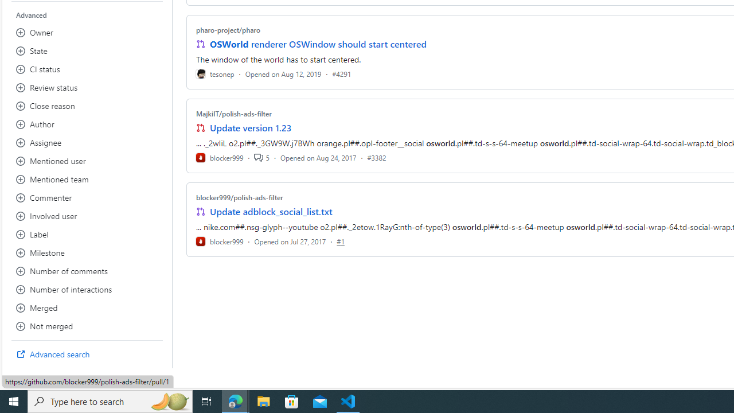 The width and height of the screenshot is (734, 413). What do you see at coordinates (233, 114) in the screenshot?
I see `'MajkiIT/polish-ads-filter'` at bounding box center [233, 114].